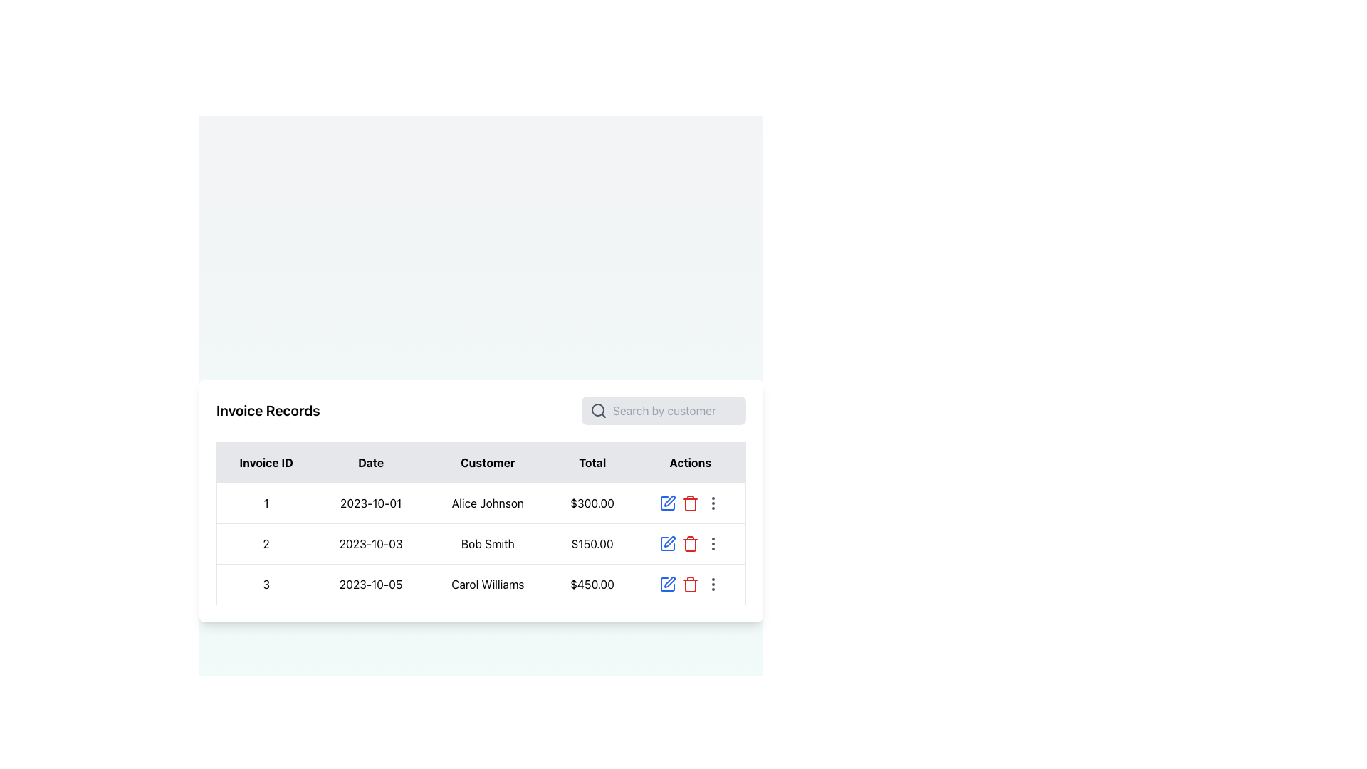 This screenshot has width=1367, height=769. What do you see at coordinates (690, 503) in the screenshot?
I see `the trash bin icon in the Actions column of the table for the record of Carol Williams` at bounding box center [690, 503].